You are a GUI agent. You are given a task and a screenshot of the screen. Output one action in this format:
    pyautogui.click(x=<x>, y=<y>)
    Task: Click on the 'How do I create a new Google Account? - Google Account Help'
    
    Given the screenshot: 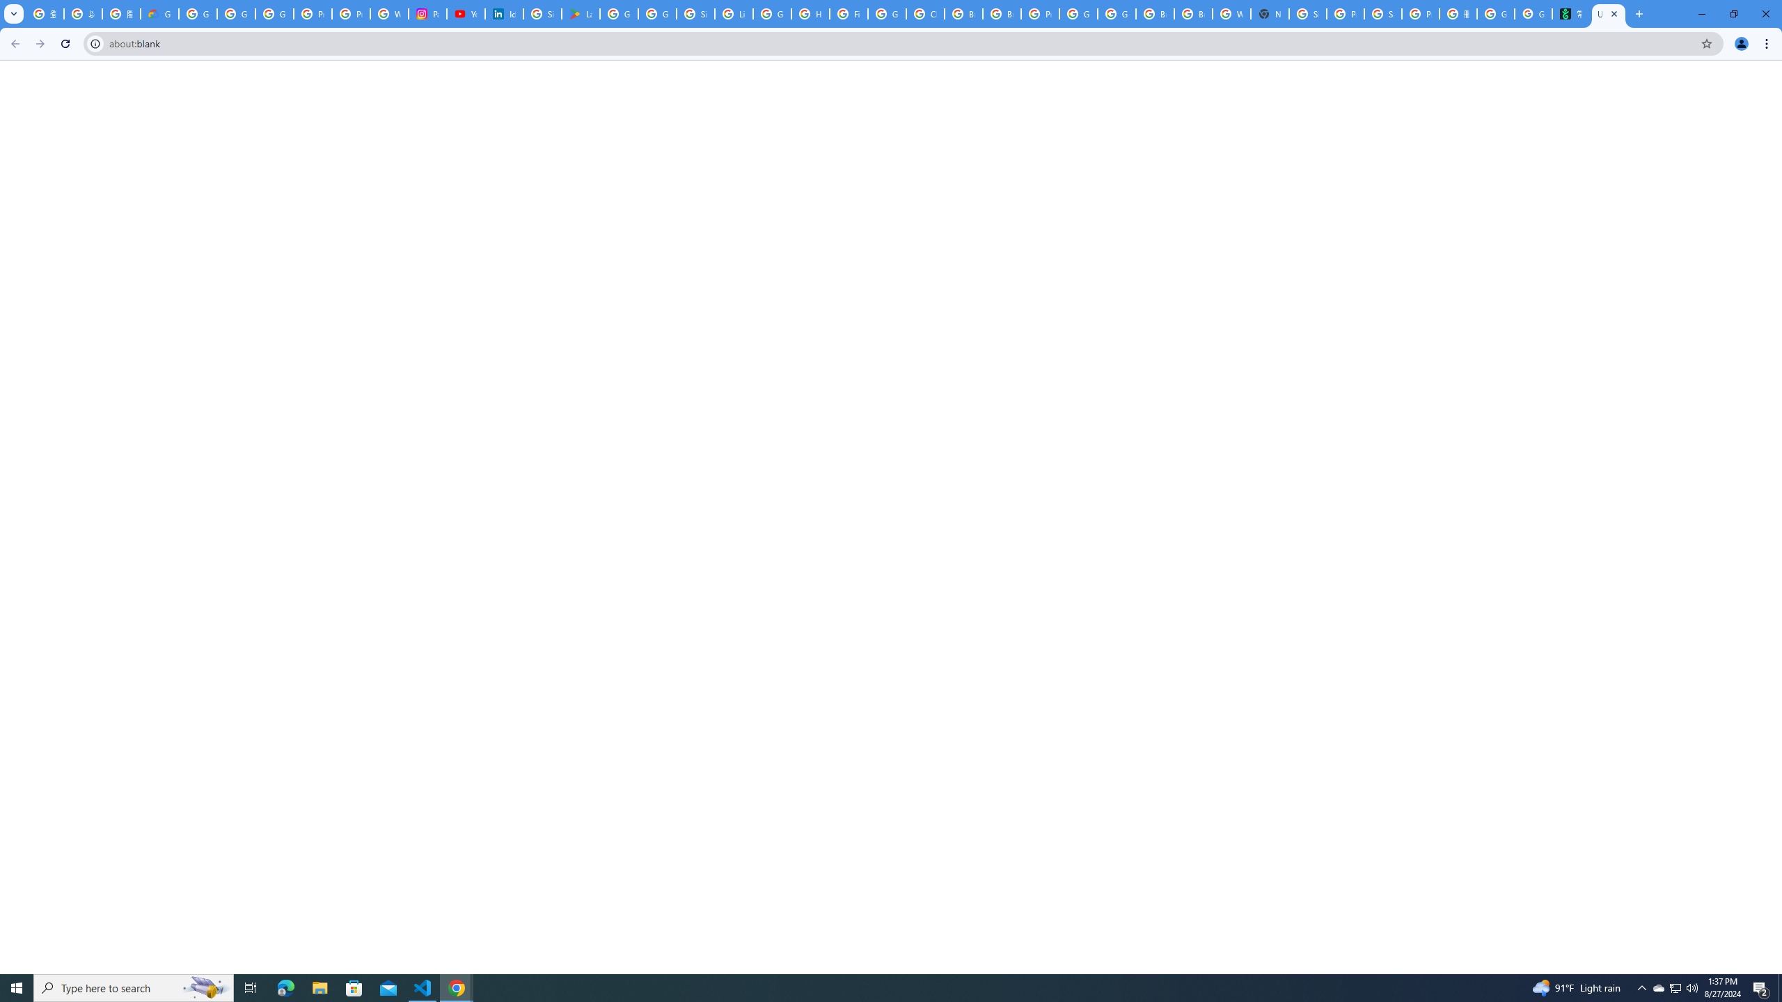 What is the action you would take?
    pyautogui.click(x=810, y=13)
    